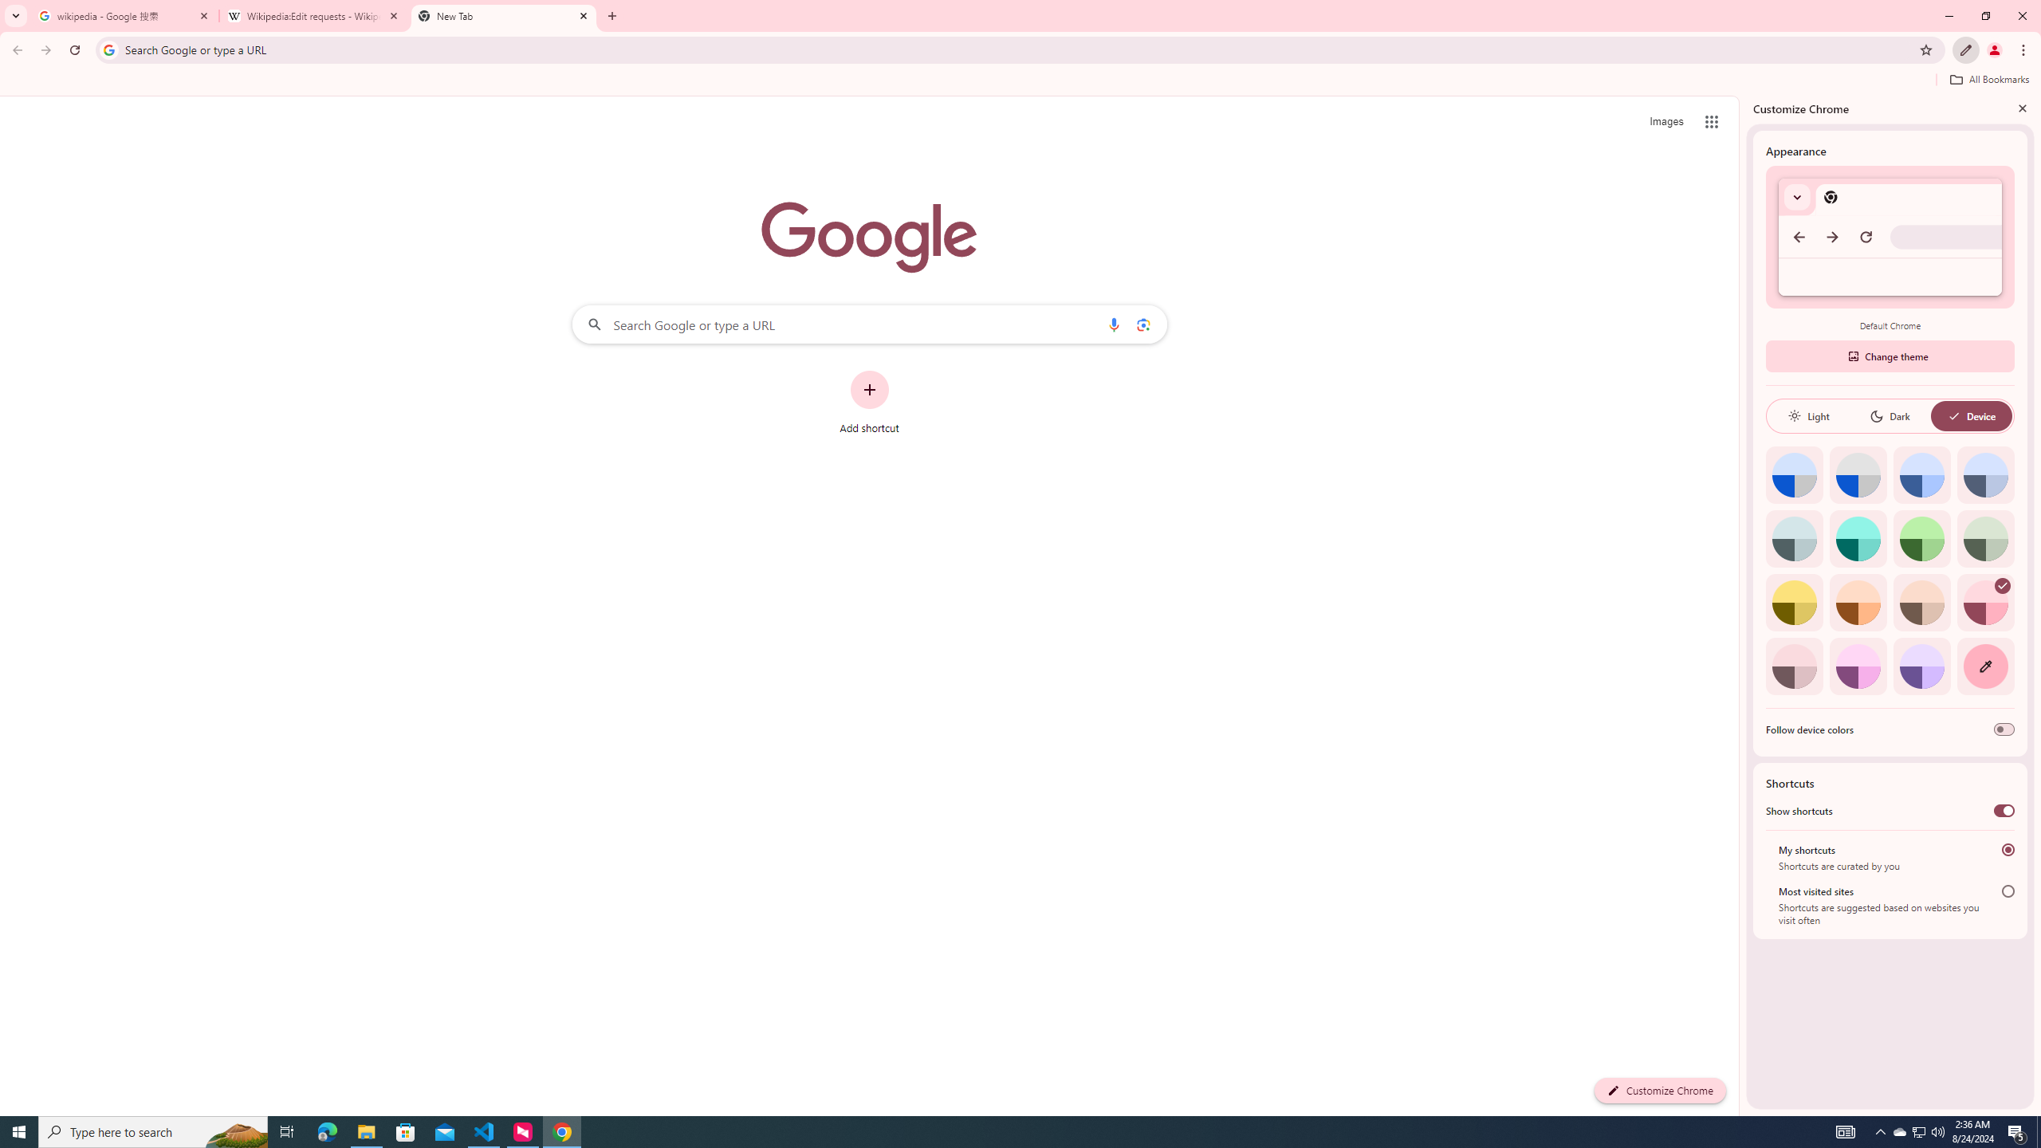 The image size is (2041, 1148). I want to click on 'Grey default color', so click(1857, 474).